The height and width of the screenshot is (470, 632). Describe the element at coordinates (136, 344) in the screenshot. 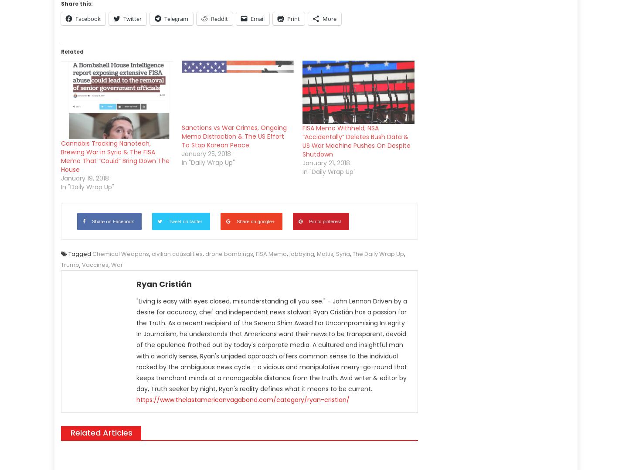

I see `'"Living is easy with eyes closed, misunderstanding all you see." - John Lennon Driven by a desire for accuracy, chef and independent news stalwart Ryan Cristián has a passion for the Truth. As a recent recipient of the Serena Shim Award For Uncompromising Integrity In Journalism, he understands that Americans want their news to be transparent, devoid of the opulence frothed out by today's corporate media. A cultured and insightful man with a worldly sense, Ryan's unjaded approach offers common sense to the individual racked by the ambiguous news cycle - a vicious and manipulative merry-go-round that keeps trenchant minds at a manageable distance from the truth. Avid writer & editor by day, Truth seeker by night, Ryan's reality defines what it means to be current.'` at that location.